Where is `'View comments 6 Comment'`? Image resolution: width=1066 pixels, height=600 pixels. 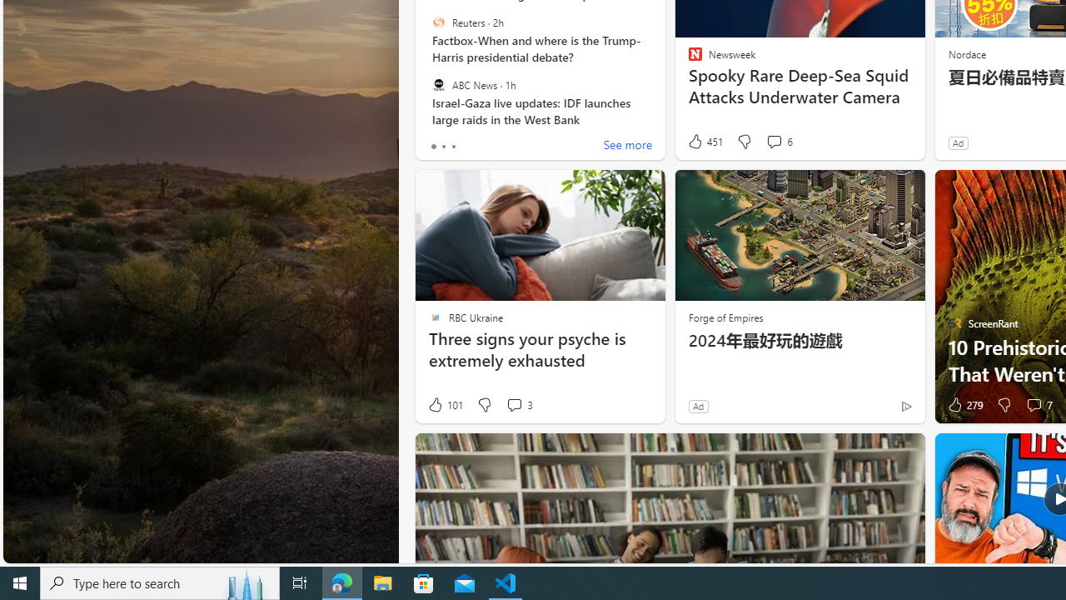 'View comments 6 Comment' is located at coordinates (778, 141).